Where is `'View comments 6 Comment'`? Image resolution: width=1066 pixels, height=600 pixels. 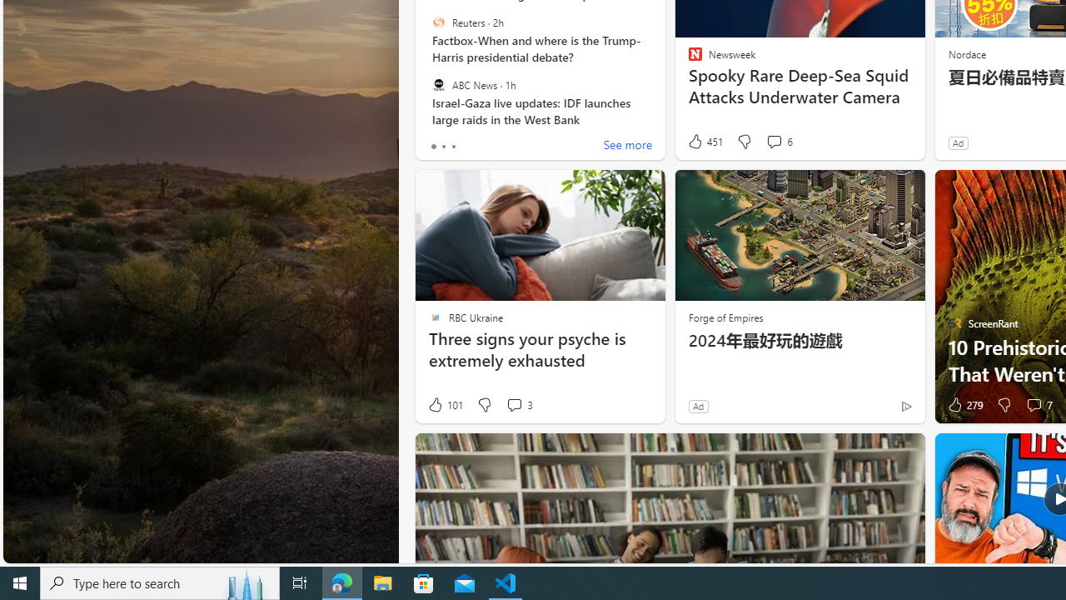 'View comments 6 Comment' is located at coordinates (778, 141).